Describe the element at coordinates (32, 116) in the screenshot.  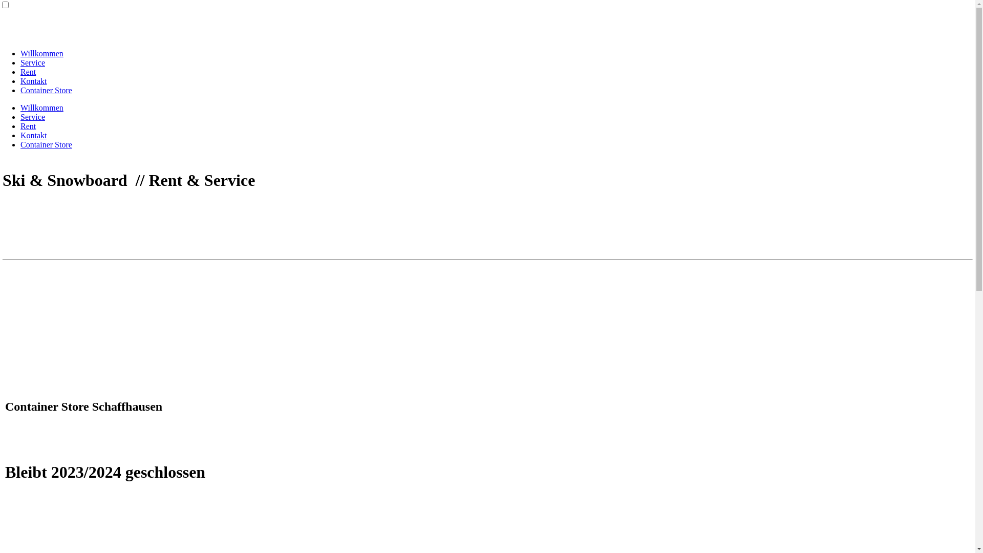
I see `'Service'` at that location.